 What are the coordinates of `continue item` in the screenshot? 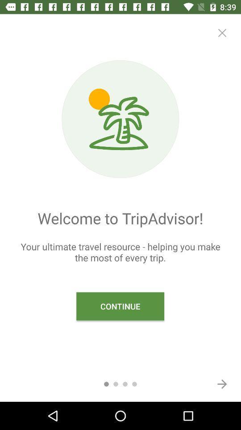 It's located at (120, 306).